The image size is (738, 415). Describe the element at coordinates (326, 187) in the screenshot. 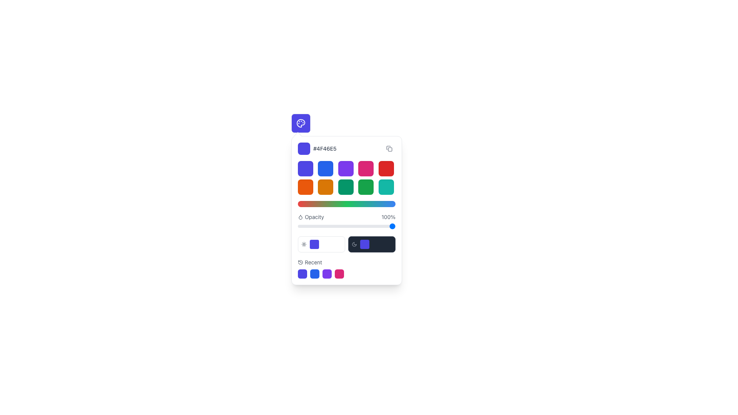

I see `the orange color selection button located in the second row and second column of a 5x2 grid layout` at that location.